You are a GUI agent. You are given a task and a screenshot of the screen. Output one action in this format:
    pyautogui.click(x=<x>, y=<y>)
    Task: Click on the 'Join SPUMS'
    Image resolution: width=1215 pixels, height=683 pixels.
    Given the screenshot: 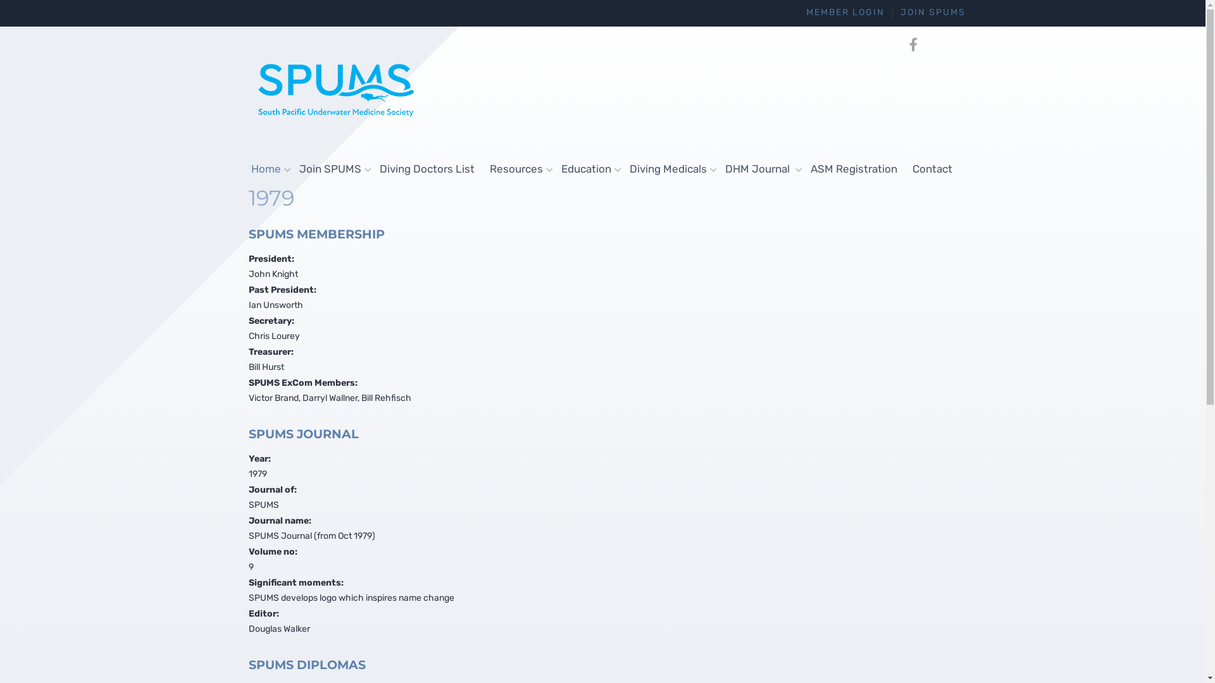 What is the action you would take?
    pyautogui.click(x=331, y=168)
    